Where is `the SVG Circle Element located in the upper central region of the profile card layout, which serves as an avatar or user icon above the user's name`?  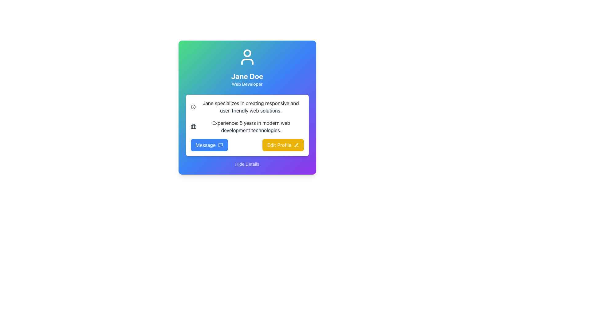
the SVG Circle Element located in the upper central region of the profile card layout, which serves as an avatar or user icon above the user's name is located at coordinates (247, 53).